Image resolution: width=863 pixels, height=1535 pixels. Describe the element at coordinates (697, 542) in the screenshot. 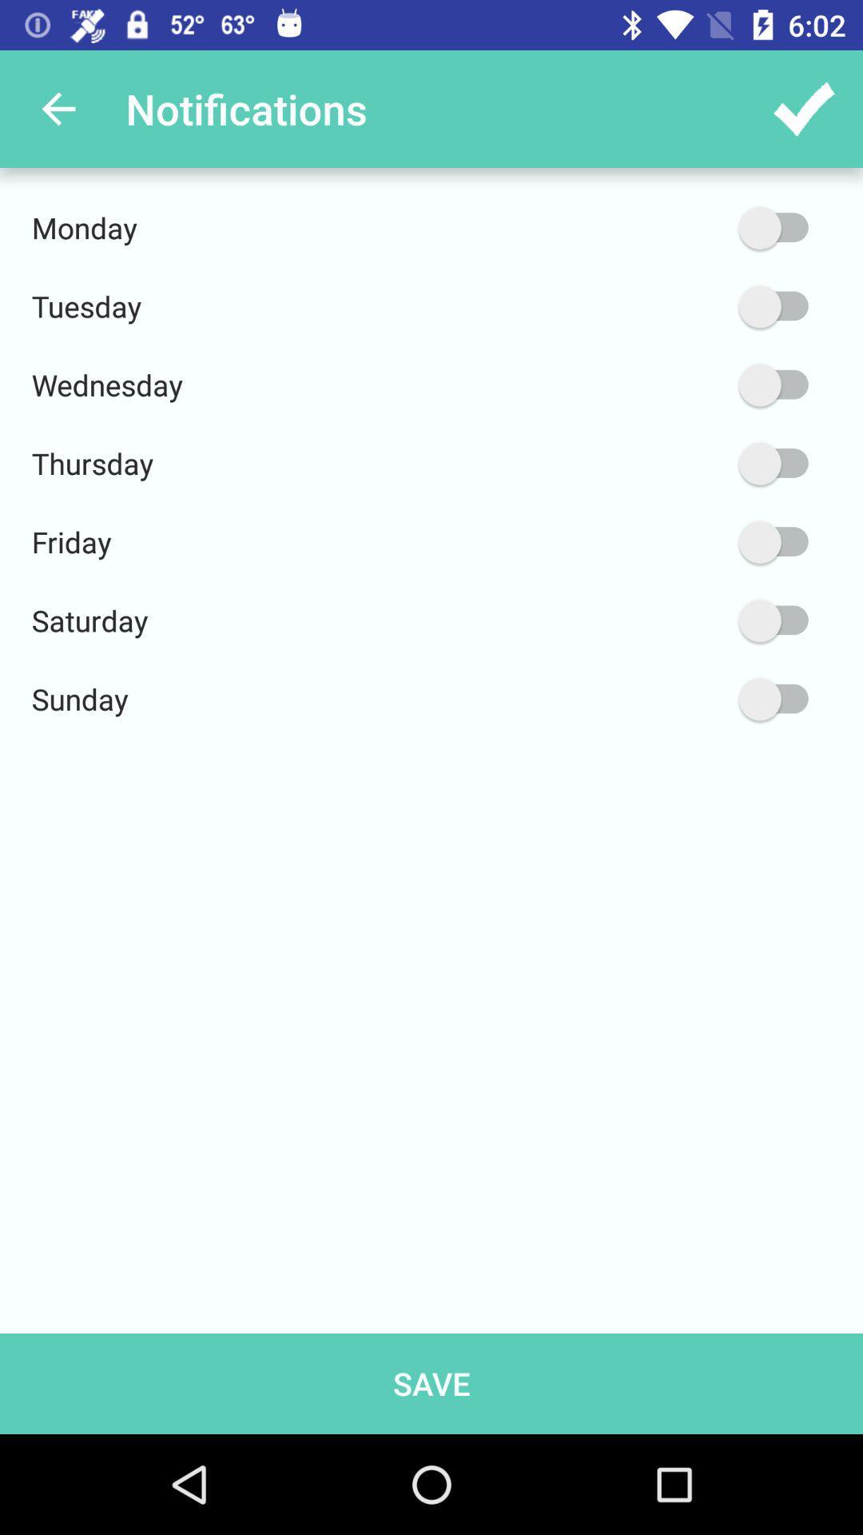

I see `notification option` at that location.